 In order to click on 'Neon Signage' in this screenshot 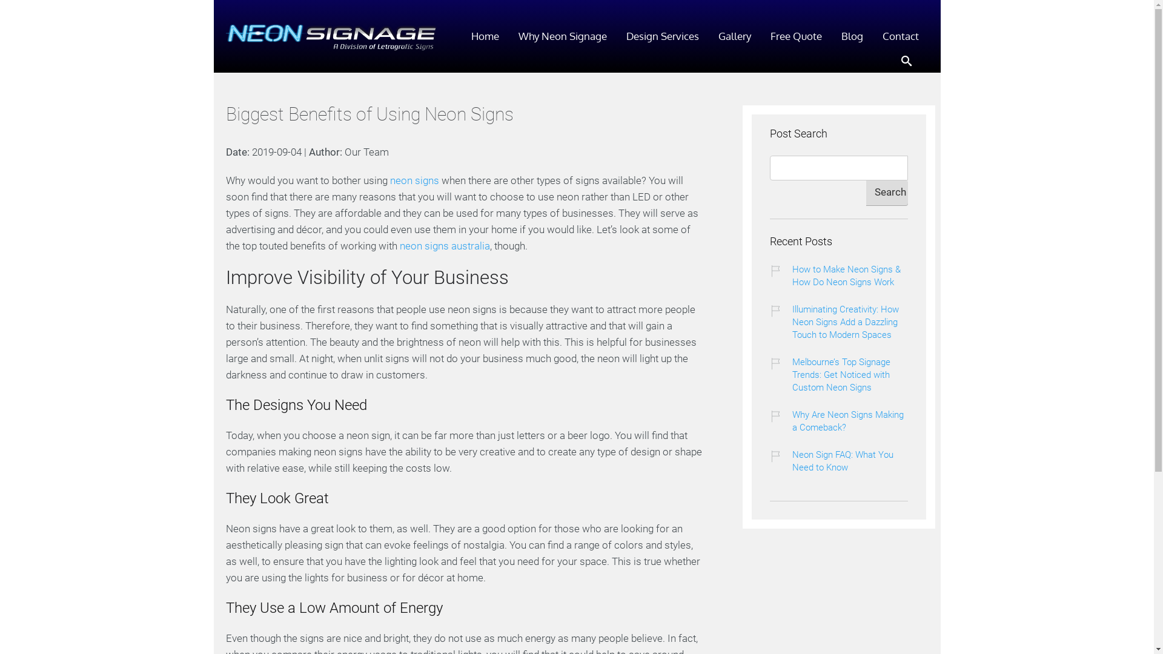, I will do `click(331, 36)`.